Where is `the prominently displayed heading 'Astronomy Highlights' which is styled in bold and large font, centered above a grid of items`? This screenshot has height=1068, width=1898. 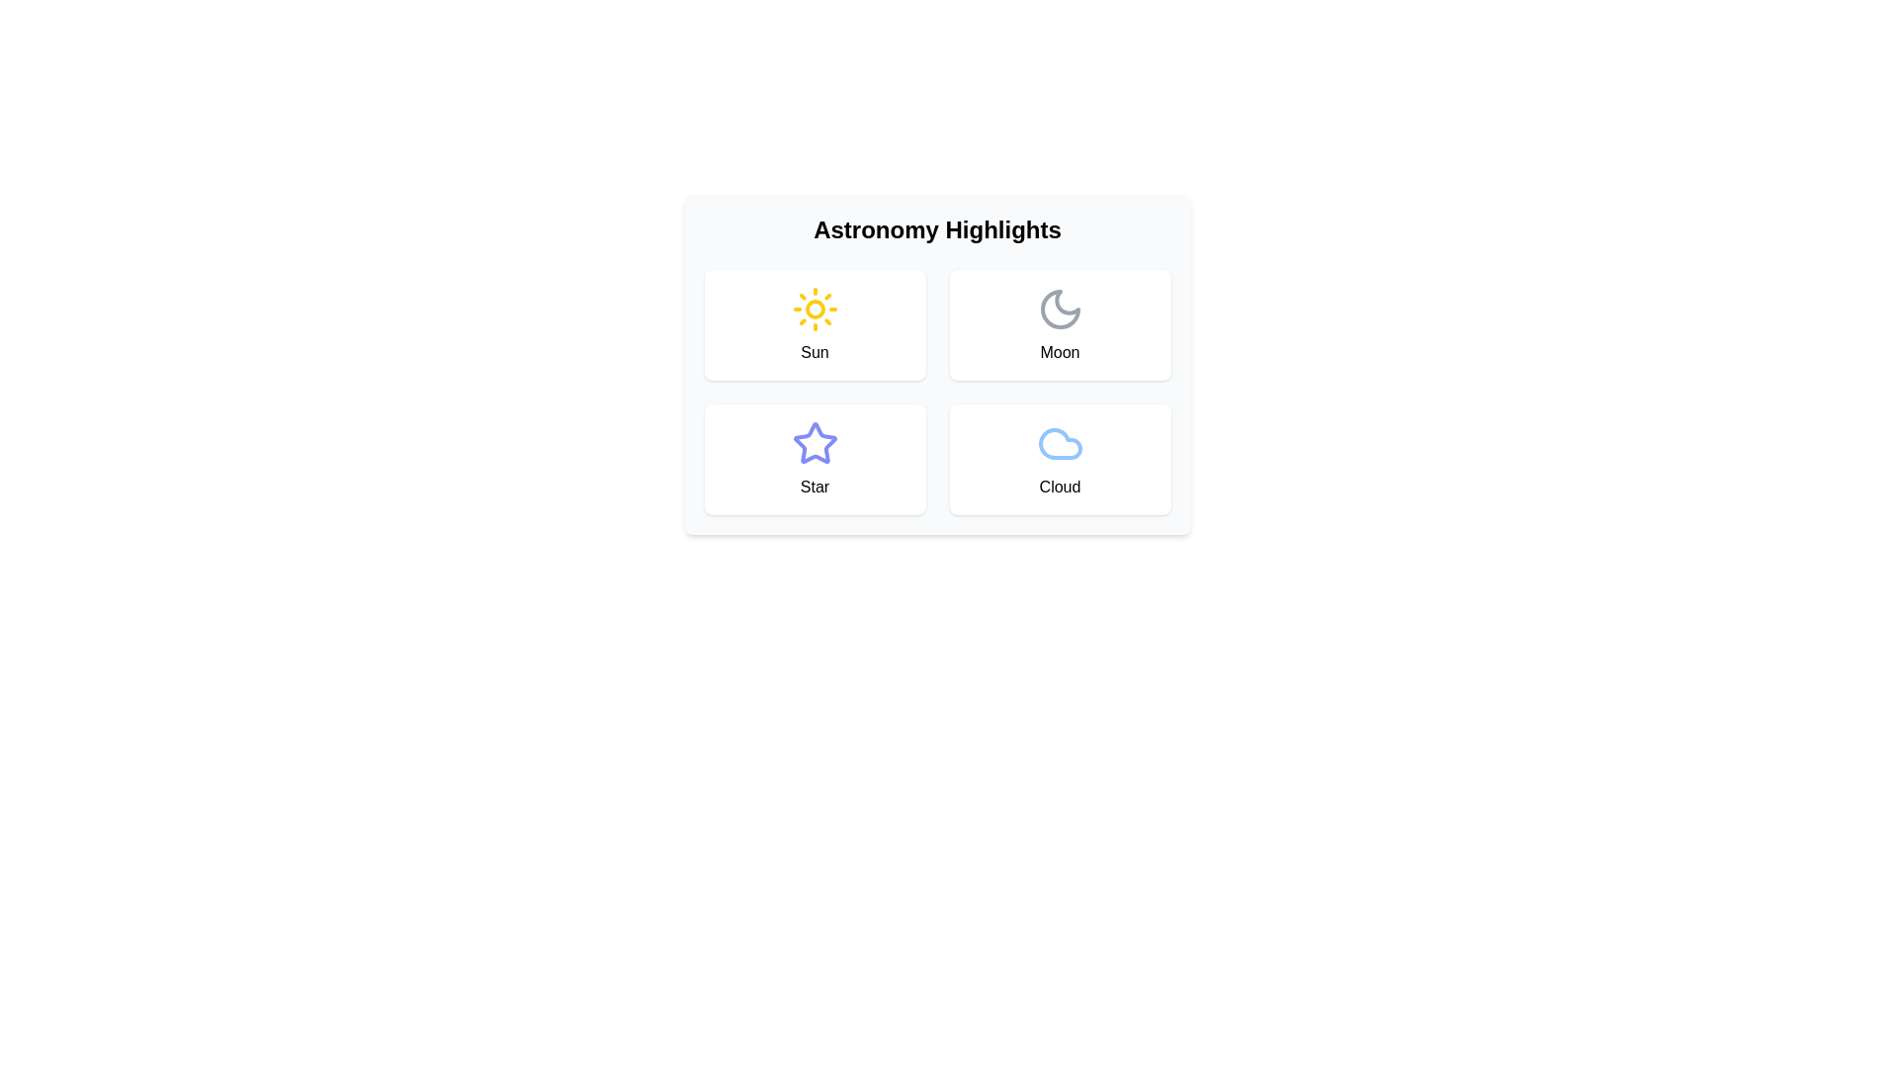 the prominently displayed heading 'Astronomy Highlights' which is styled in bold and large font, centered above a grid of items is located at coordinates (936, 228).